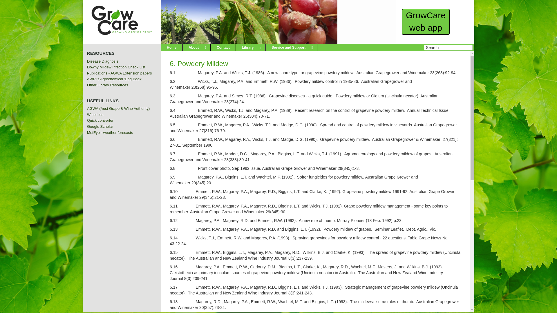 This screenshot has width=557, height=313. I want to click on 'Winetitles', so click(95, 114).